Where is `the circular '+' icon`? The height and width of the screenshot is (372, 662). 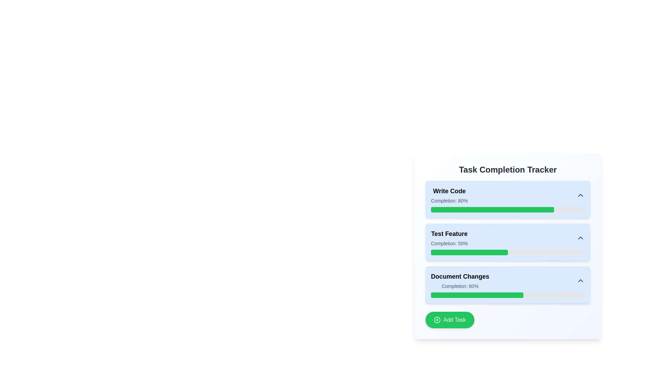
the circular '+' icon is located at coordinates (437, 320).